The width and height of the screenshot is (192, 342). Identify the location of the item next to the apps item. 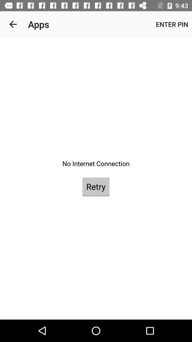
(171, 24).